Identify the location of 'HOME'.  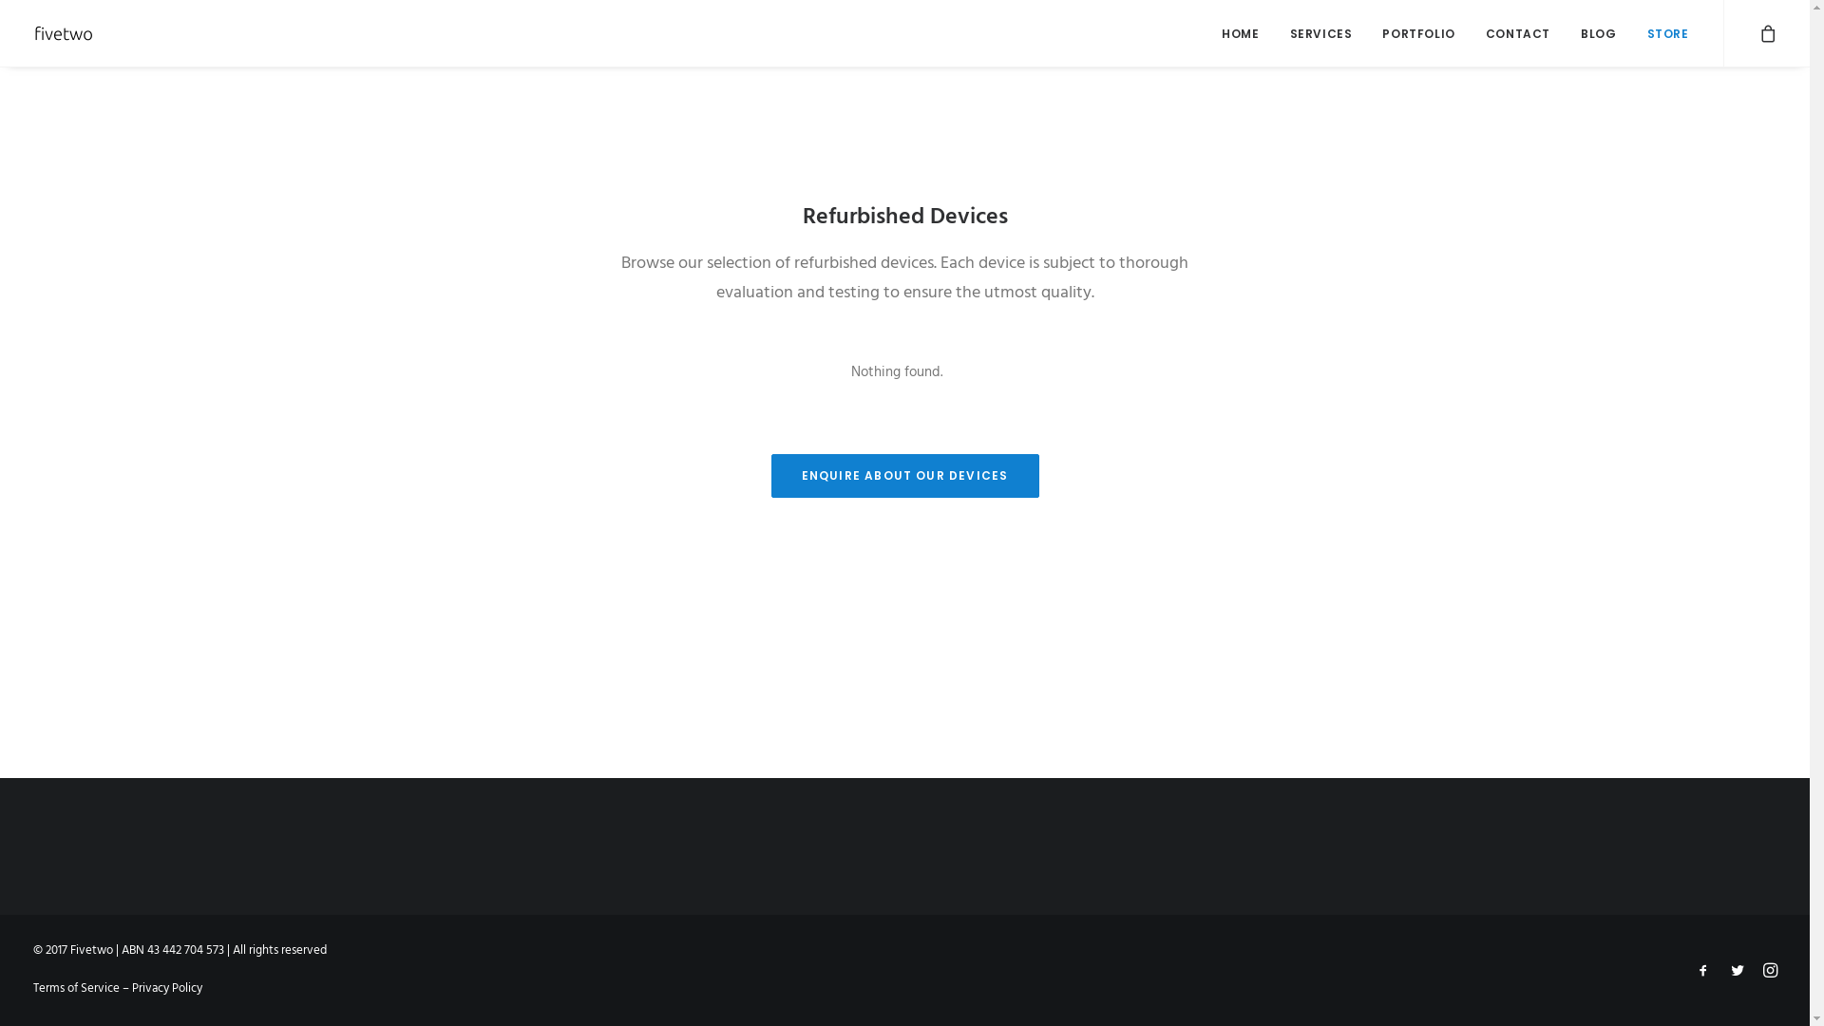
(1207, 32).